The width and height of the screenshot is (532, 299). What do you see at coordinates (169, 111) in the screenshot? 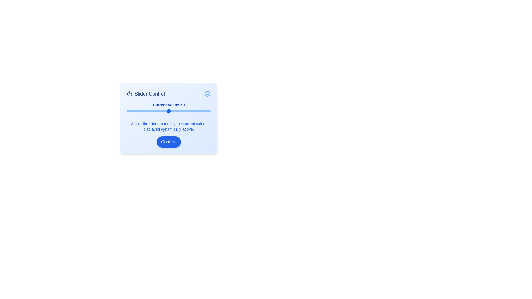
I see `the slider value` at bounding box center [169, 111].